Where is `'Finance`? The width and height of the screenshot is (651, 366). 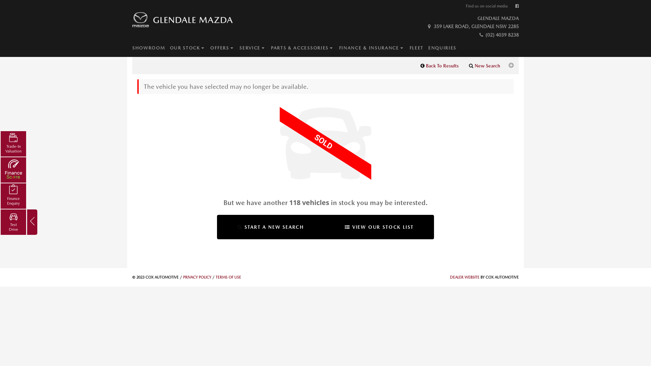 'Finance is located at coordinates (13, 196).